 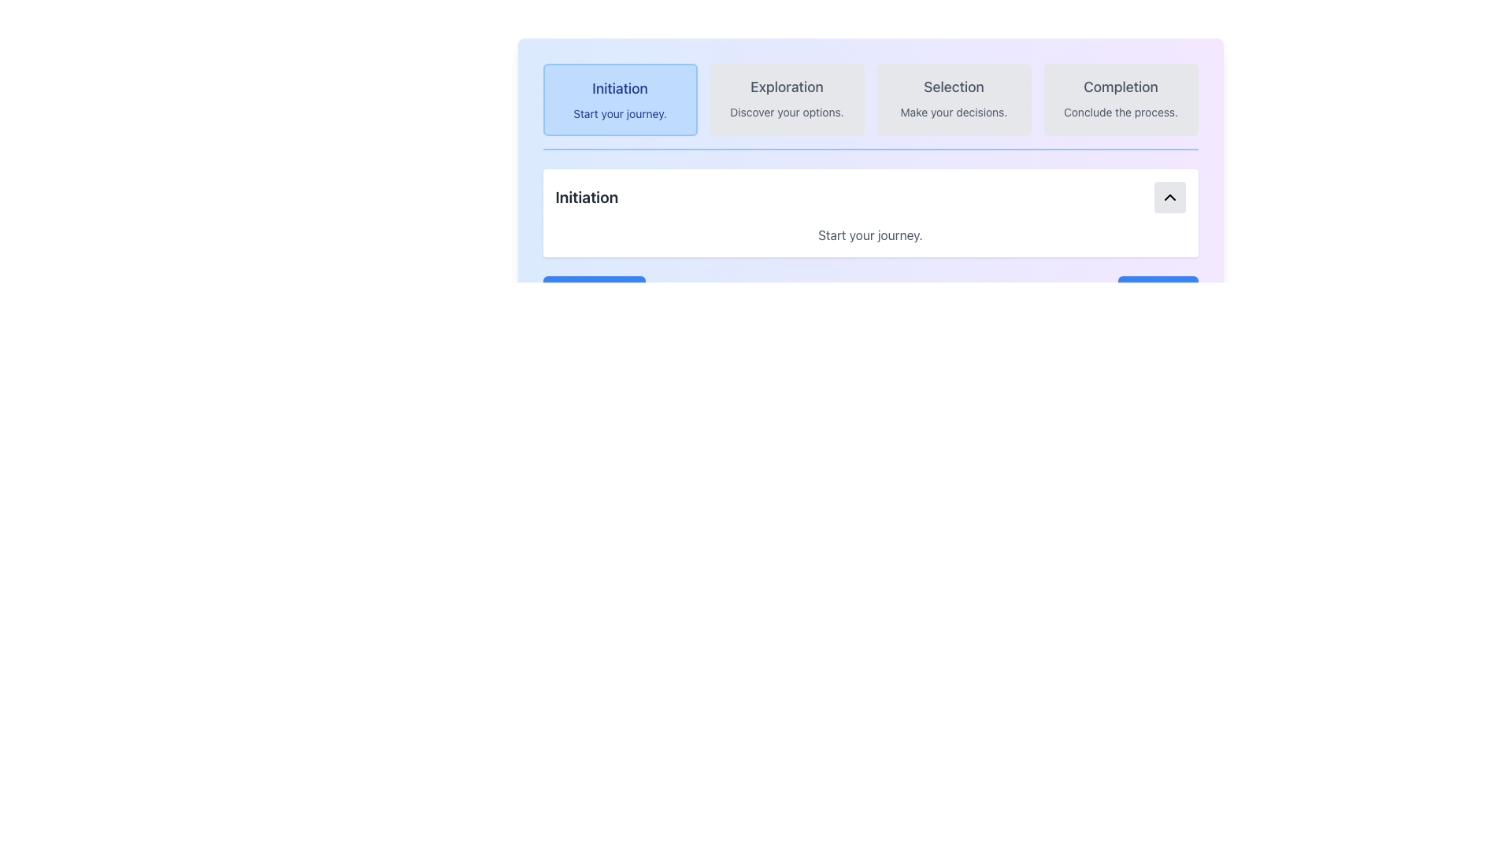 I want to click on the text block displaying 'Start your journey.' located within the 'Initiation' card, so click(x=869, y=235).